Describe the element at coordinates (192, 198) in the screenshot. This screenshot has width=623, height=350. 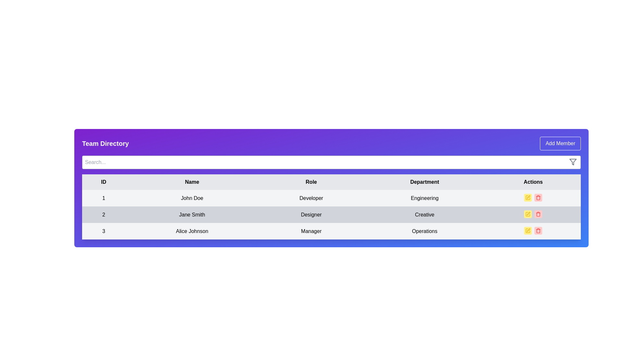
I see `the text label displaying 'John Doe' which is centered in a light gray rectangular background, part of the user information table` at that location.